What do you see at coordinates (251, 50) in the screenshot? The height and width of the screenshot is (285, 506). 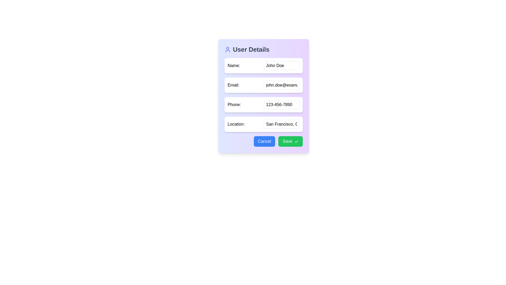 I see `the bold heading text labeled 'User Details' located at the top of the form, positioned to the right of a user symbol icon` at bounding box center [251, 50].